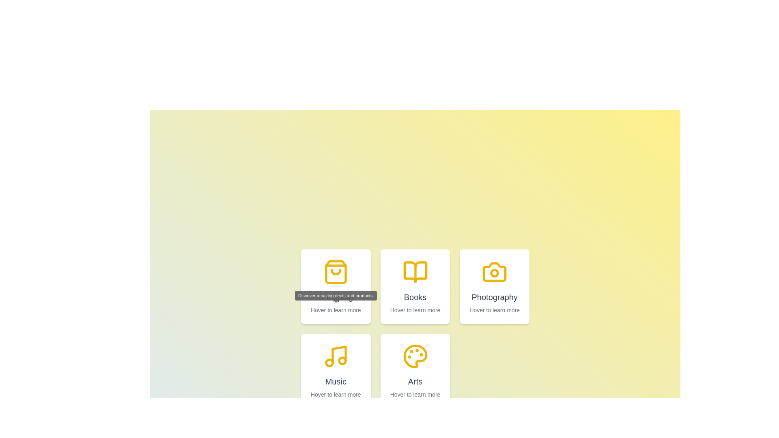  What do you see at coordinates (494, 272) in the screenshot?
I see `the decorative icon representing the 'Photography' section located at the top of the card layout in the top-right quadrant of the interface` at bounding box center [494, 272].